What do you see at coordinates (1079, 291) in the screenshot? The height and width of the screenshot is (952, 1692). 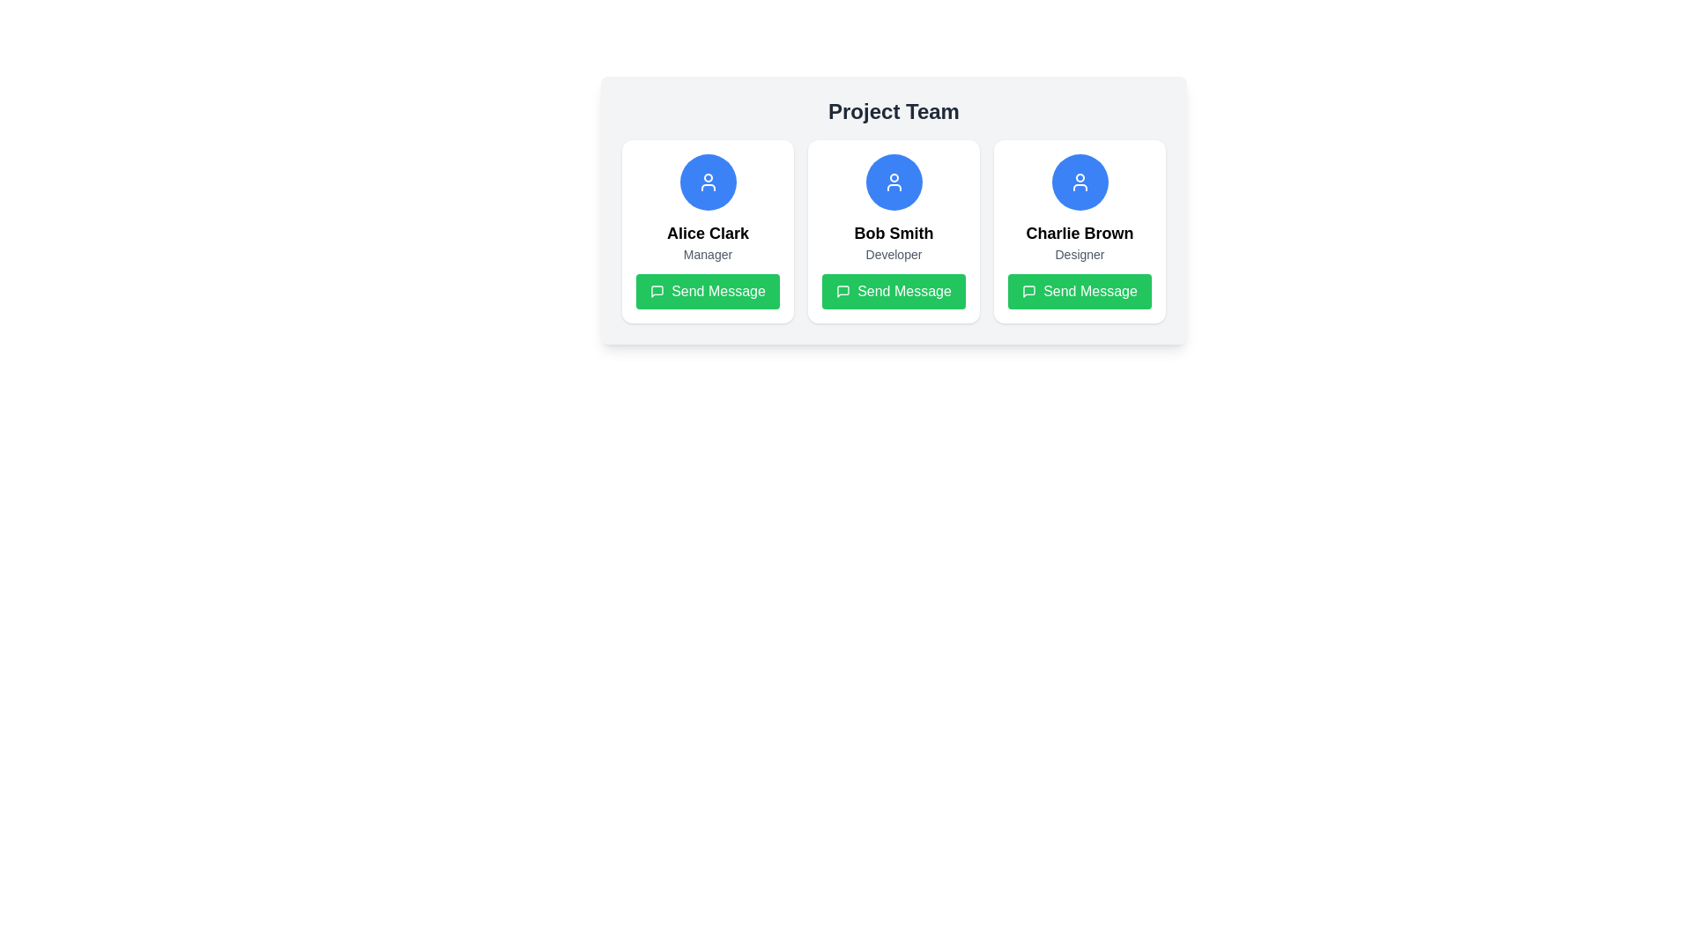 I see `the third 'Send Message' button located at the bottom center of Charlie Brown Designer's profile card` at bounding box center [1079, 291].